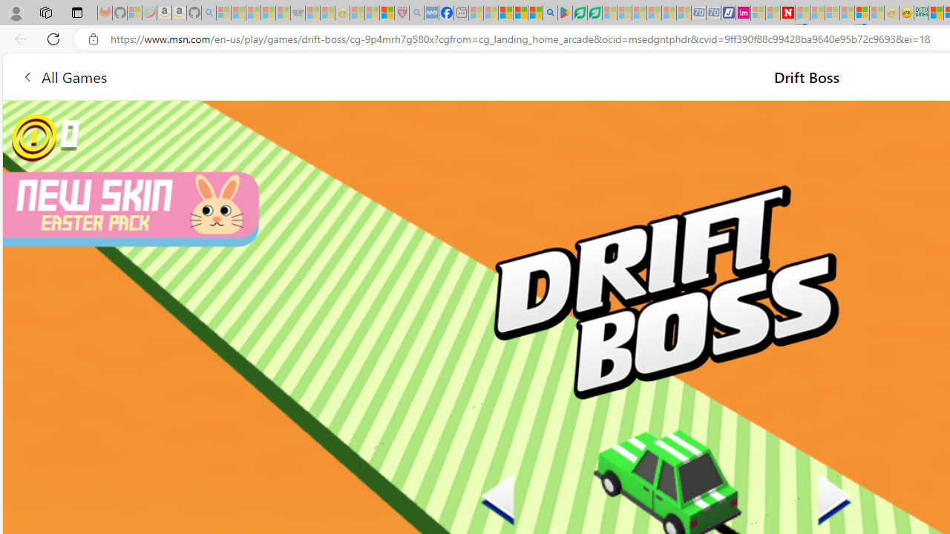 The image size is (950, 534). What do you see at coordinates (134, 13) in the screenshot?
I see `'Microsoft-Report a Concern to Bing - Sleeping'` at bounding box center [134, 13].